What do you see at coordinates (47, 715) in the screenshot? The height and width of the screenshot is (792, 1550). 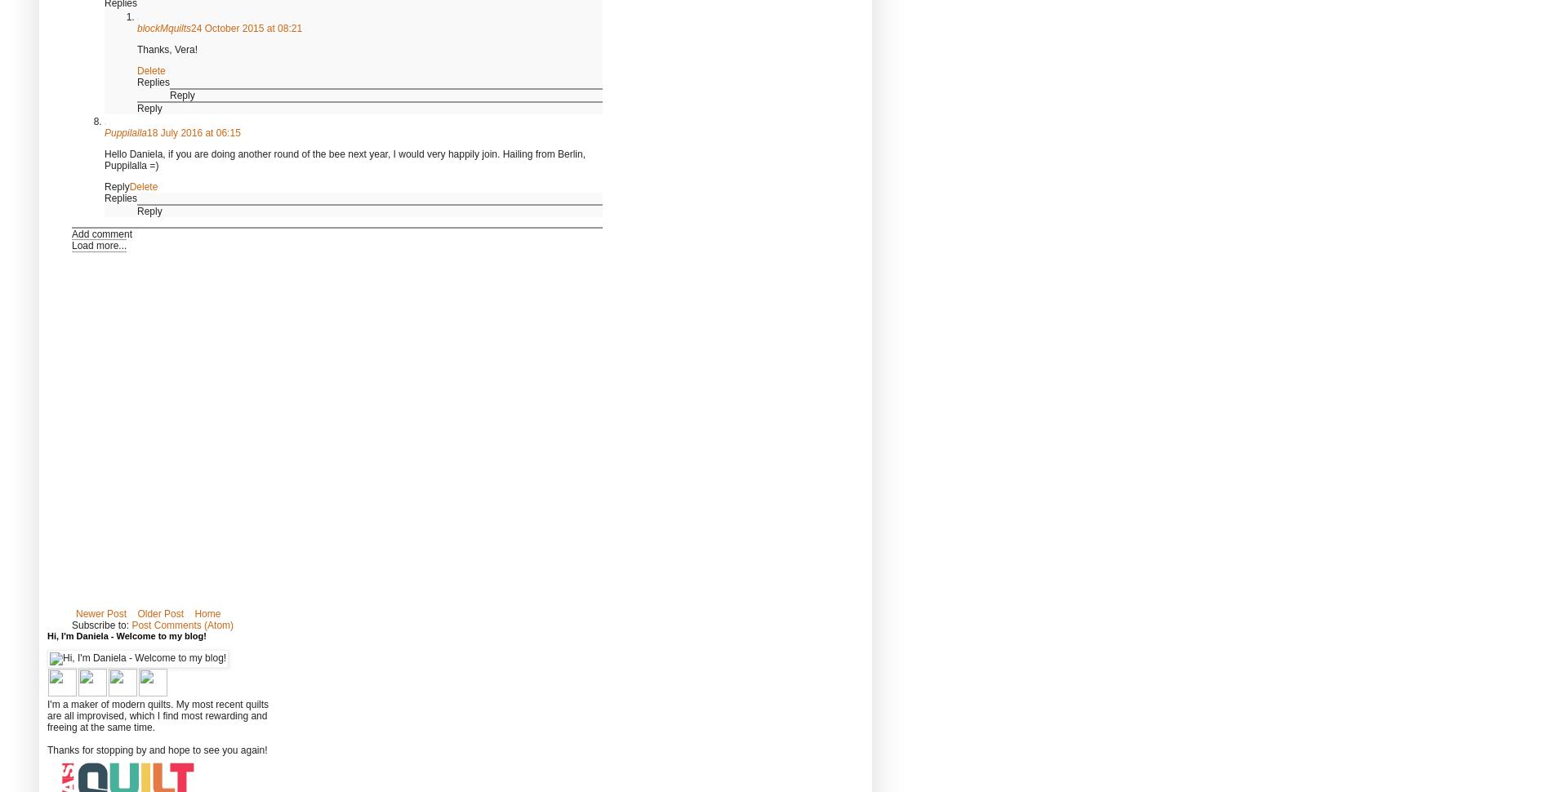 I see `'I'm a maker of modern quilts. My most recent quilts are all improvised, which I find most rewarding and freeing at the same time.'` at bounding box center [47, 715].